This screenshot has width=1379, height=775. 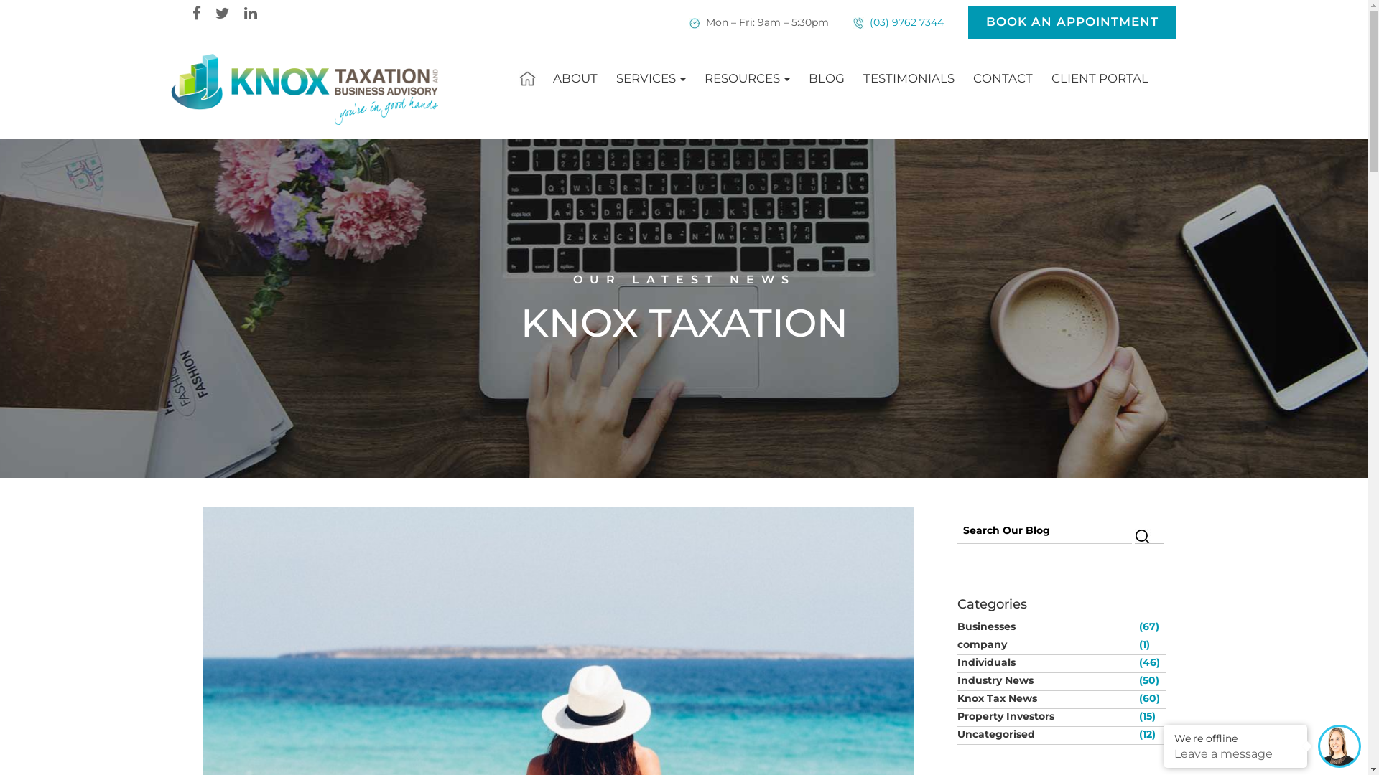 I want to click on 'Businesses', so click(x=1046, y=625).